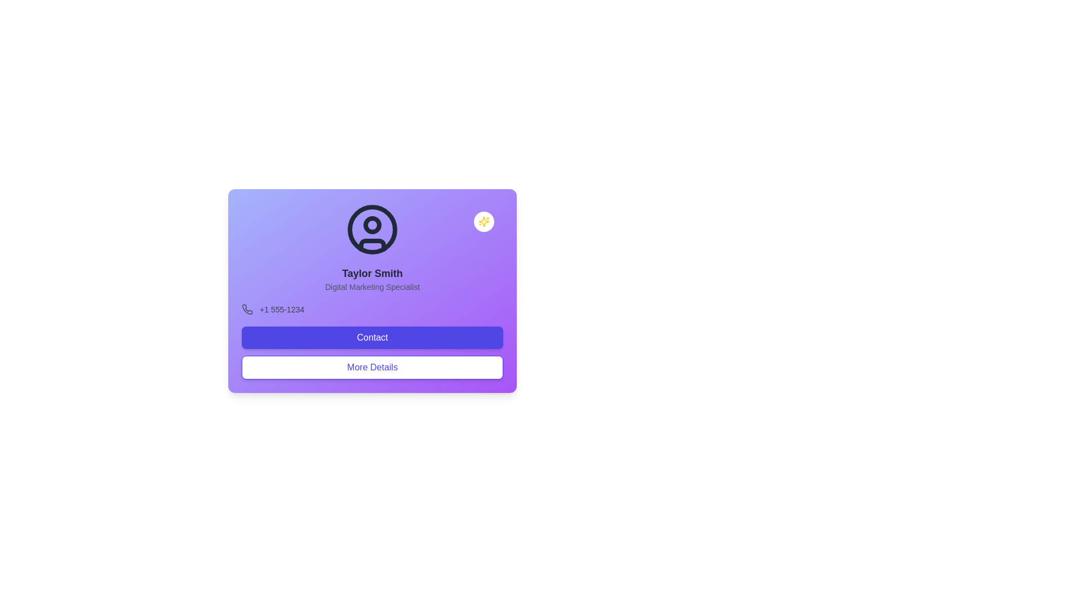 The width and height of the screenshot is (1082, 608). I want to click on the button located below the 'Contact' button within the card-like interface, so click(373, 367).